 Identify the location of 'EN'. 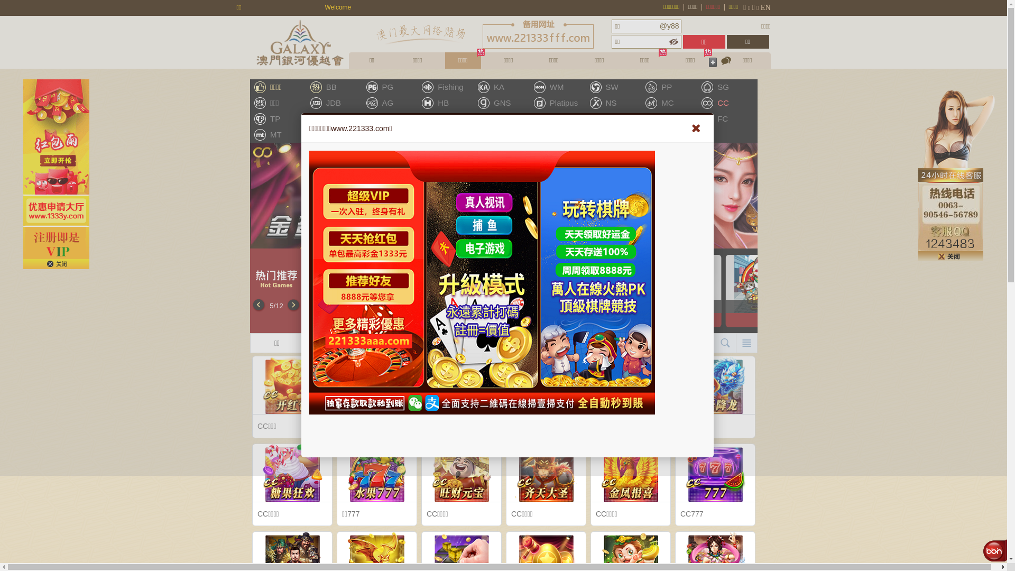
(765, 7).